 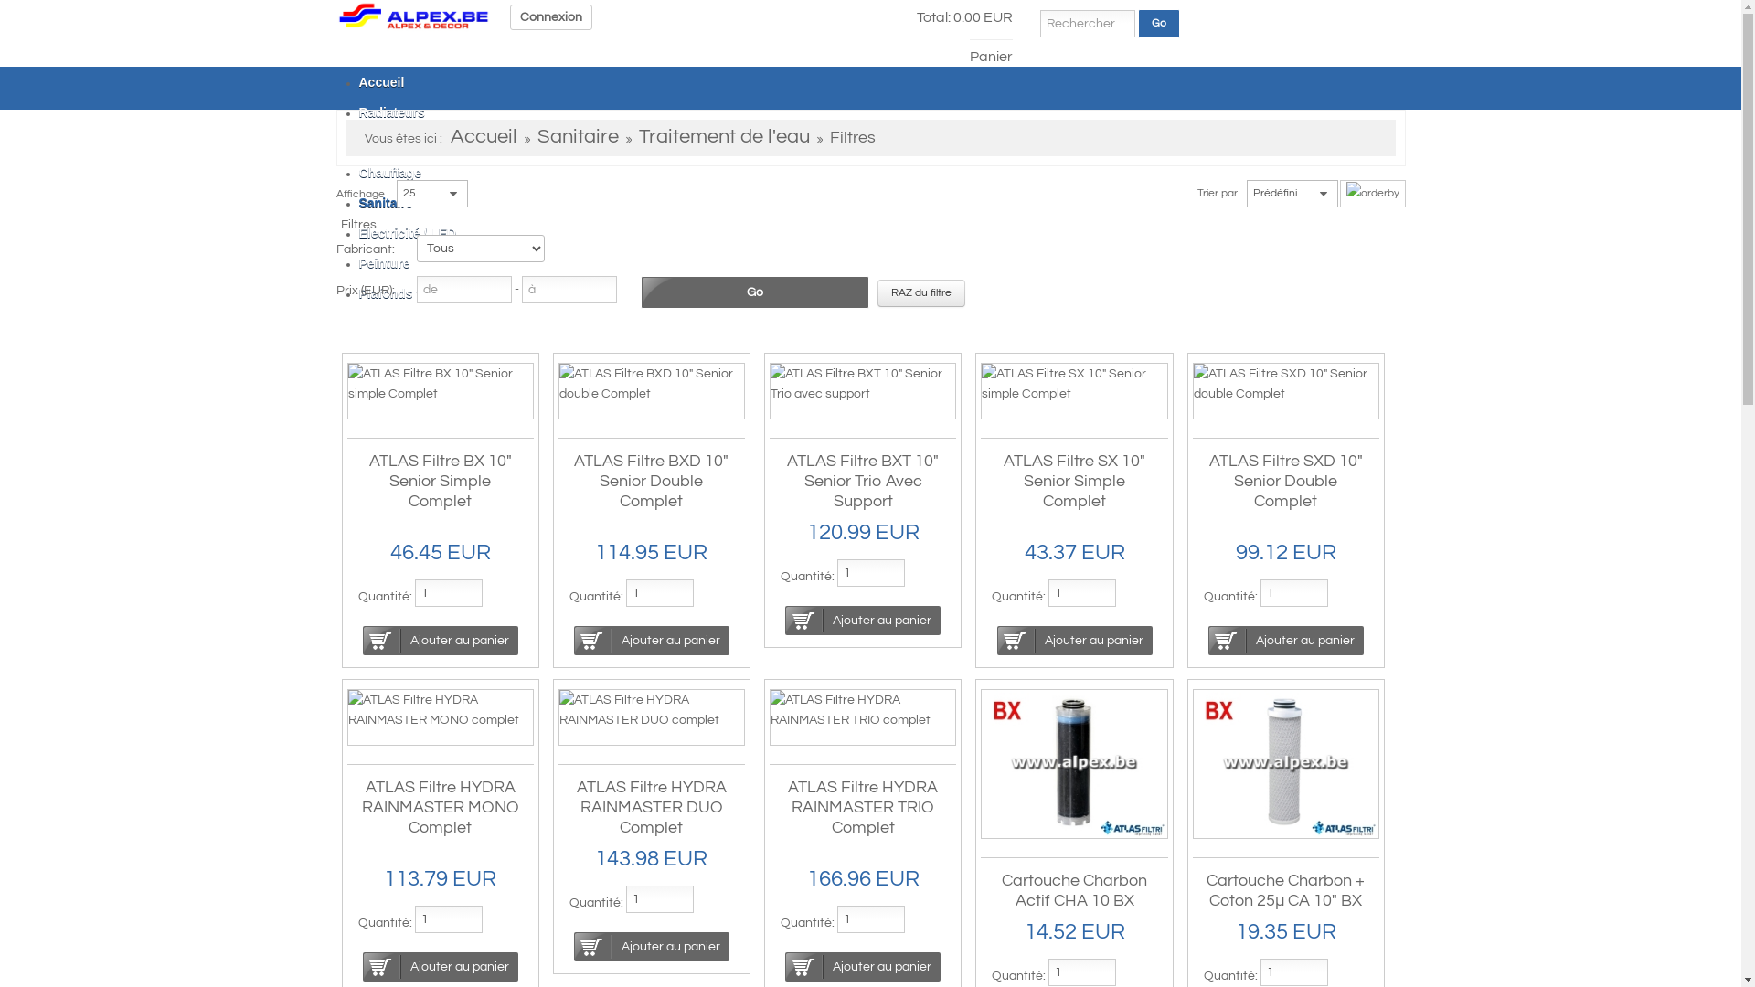 What do you see at coordinates (862, 480) in the screenshot?
I see `'ATLAS Filtre BXT 10" Senior Trio Avec Support'` at bounding box center [862, 480].